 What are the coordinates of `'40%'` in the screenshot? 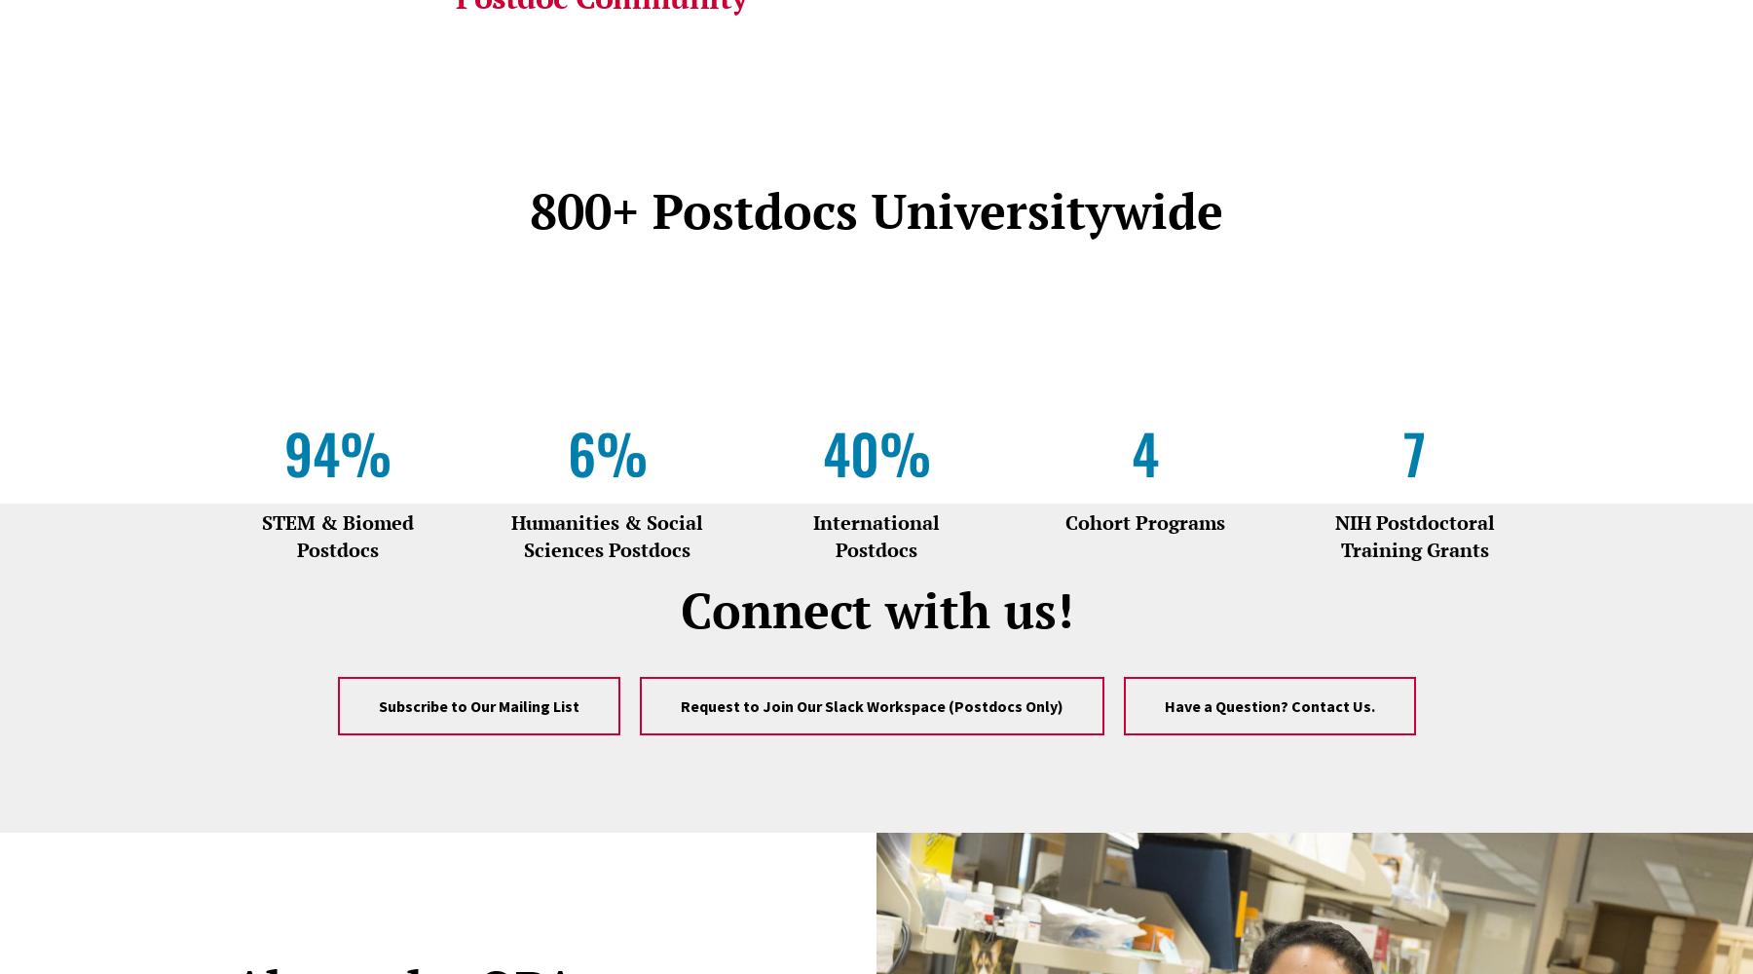 It's located at (876, 451).